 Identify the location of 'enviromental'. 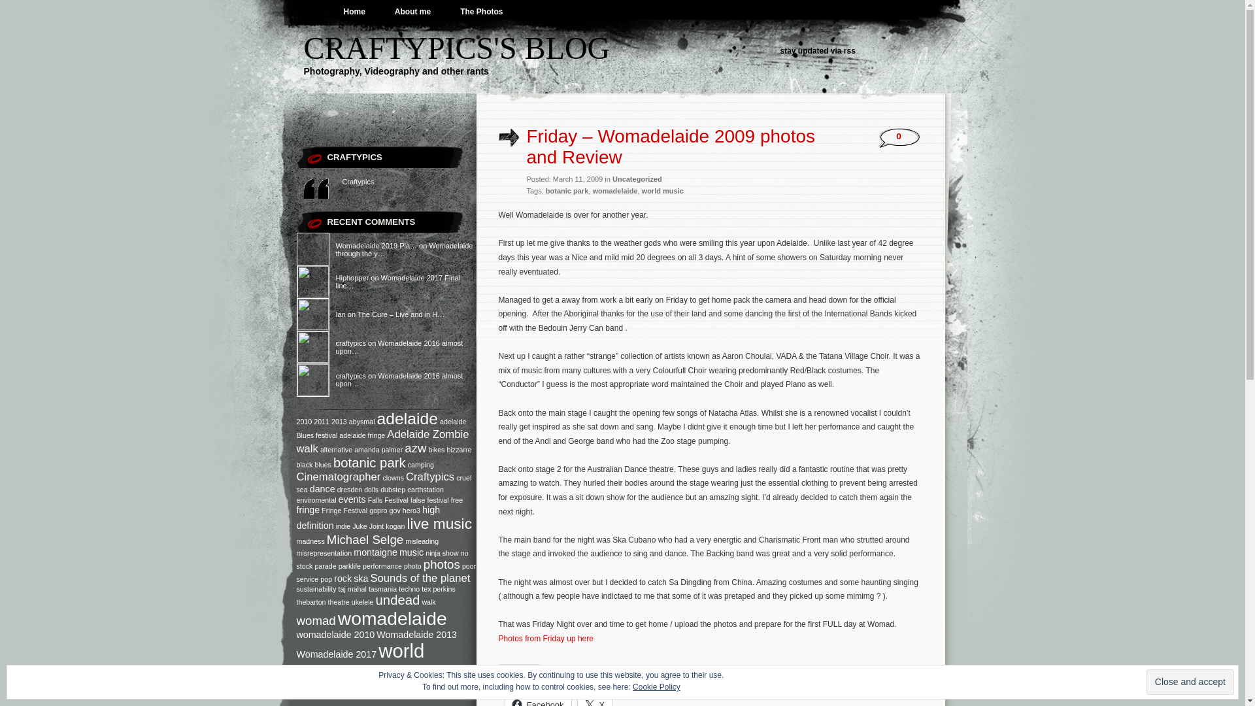
(316, 499).